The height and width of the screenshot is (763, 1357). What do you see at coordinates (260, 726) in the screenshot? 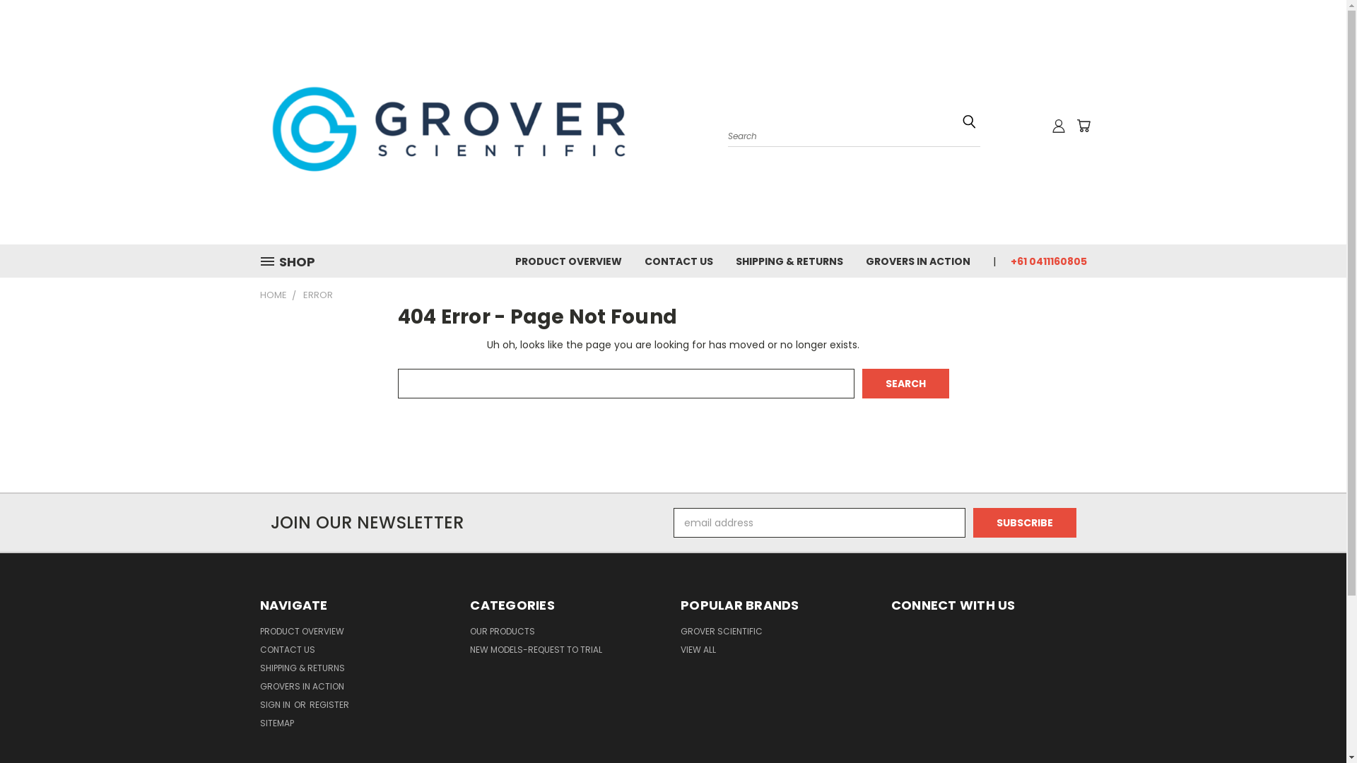
I see `'SITEMAP'` at bounding box center [260, 726].